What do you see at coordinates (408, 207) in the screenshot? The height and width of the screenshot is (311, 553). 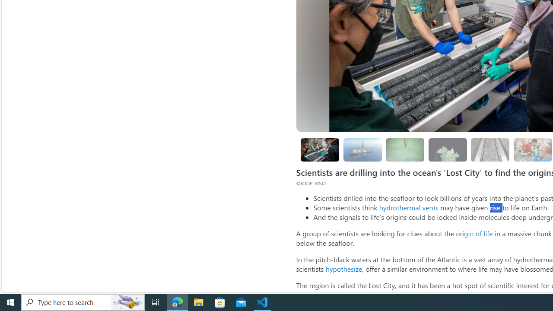 I see `'hydrothermal vents'` at bounding box center [408, 207].